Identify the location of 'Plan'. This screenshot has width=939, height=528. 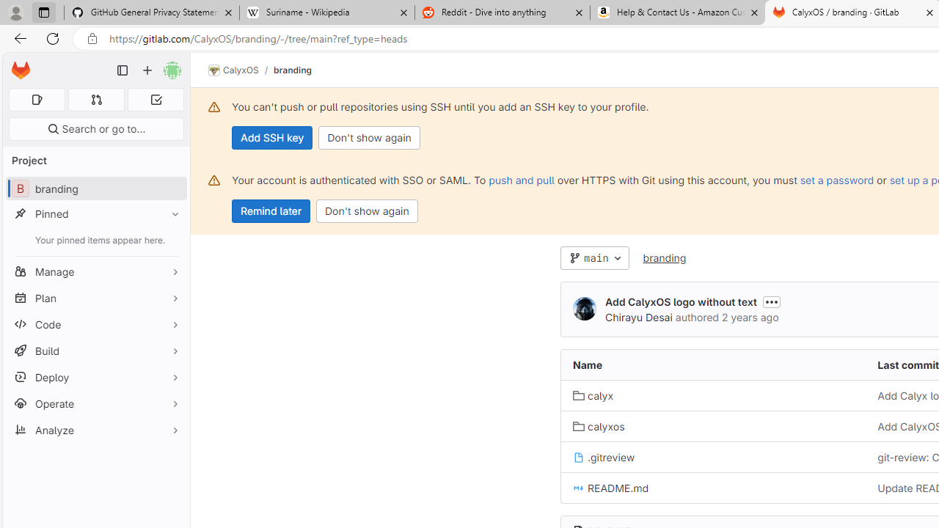
(95, 297).